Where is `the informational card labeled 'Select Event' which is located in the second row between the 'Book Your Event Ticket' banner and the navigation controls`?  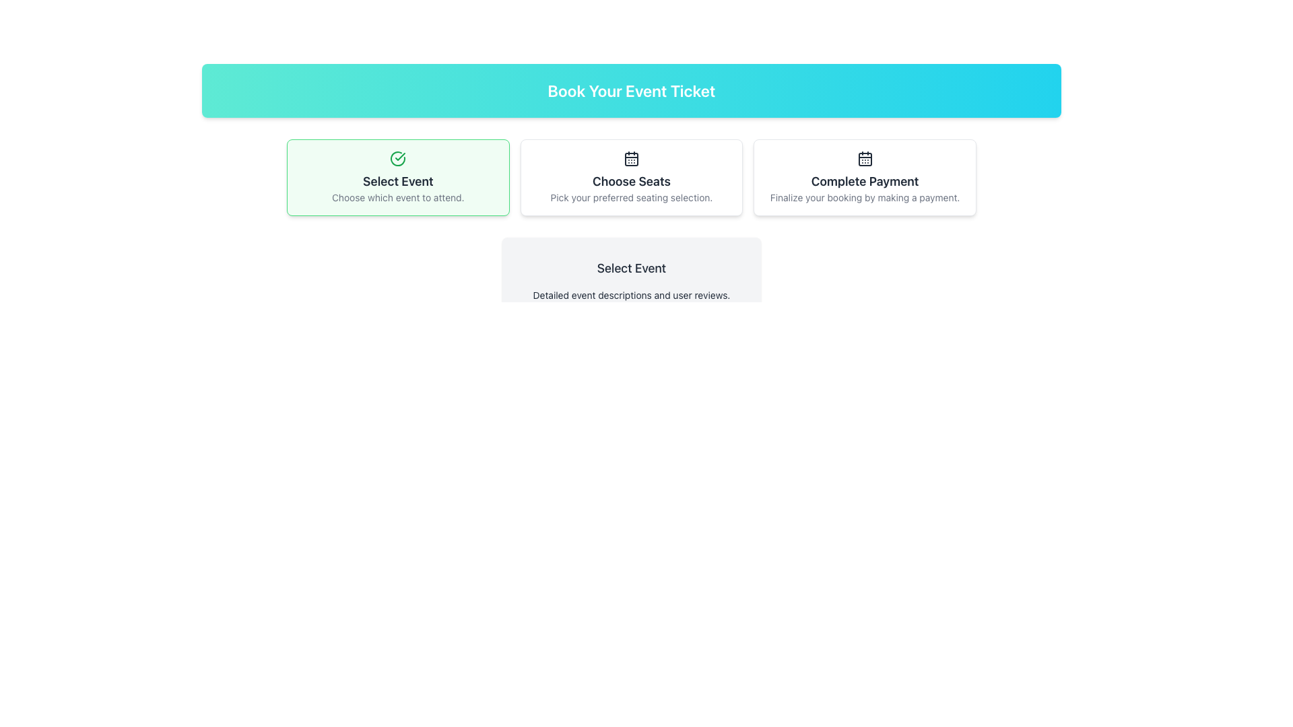 the informational card labeled 'Select Event' which is located in the second row between the 'Book Your Event Ticket' banner and the navigation controls is located at coordinates (630, 279).